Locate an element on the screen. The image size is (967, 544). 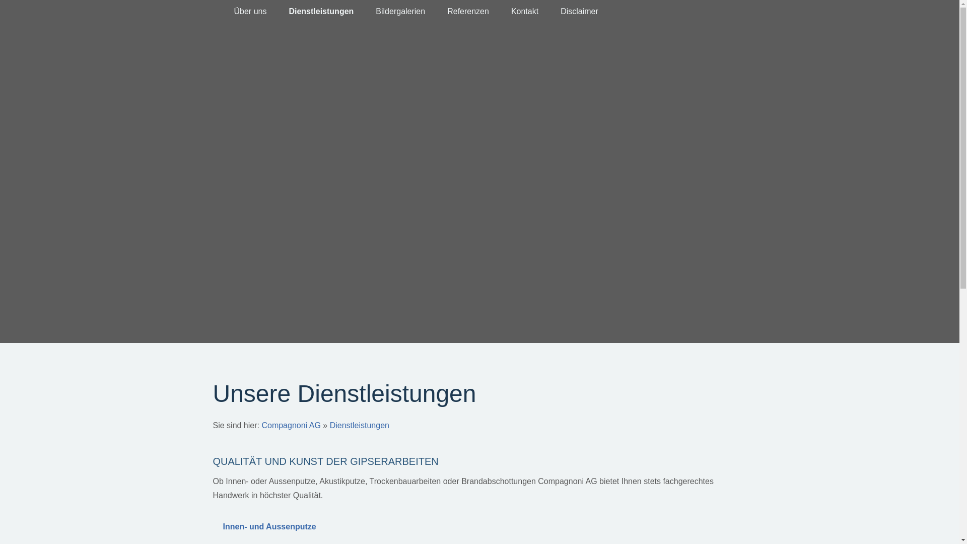
'Compagnoni AG' is located at coordinates (290, 425).